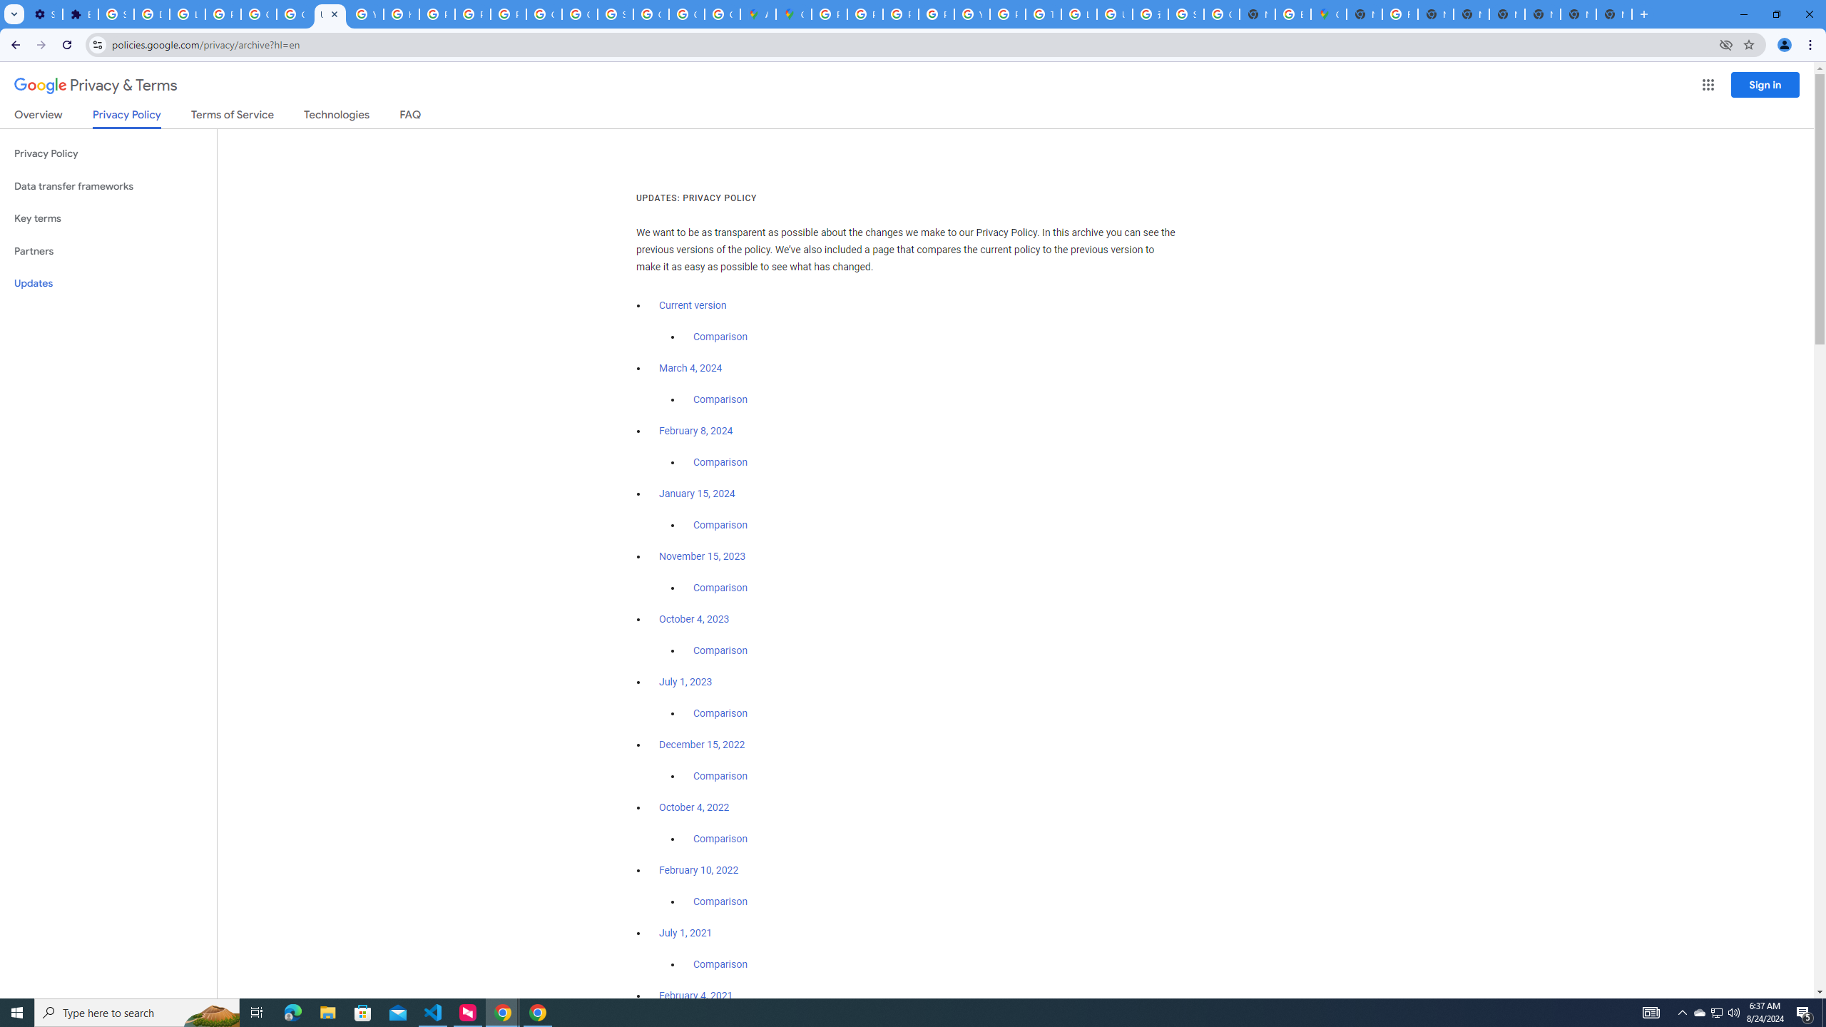 The image size is (1826, 1027). Describe the element at coordinates (1542, 14) in the screenshot. I see `'New Tab'` at that location.